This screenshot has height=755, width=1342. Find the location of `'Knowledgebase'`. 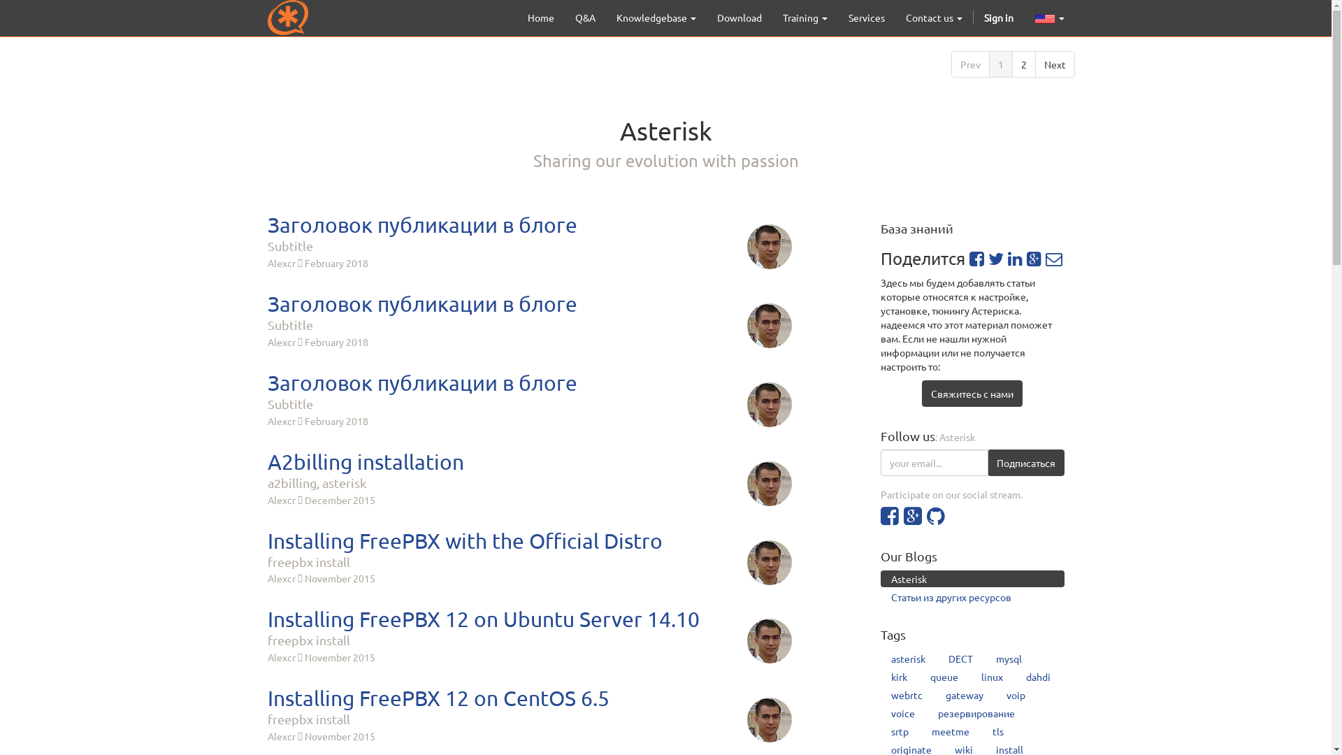

'Knowledgebase' is located at coordinates (654, 17).